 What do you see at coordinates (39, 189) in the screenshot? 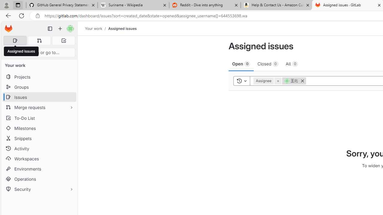
I see `'Security'` at bounding box center [39, 189].